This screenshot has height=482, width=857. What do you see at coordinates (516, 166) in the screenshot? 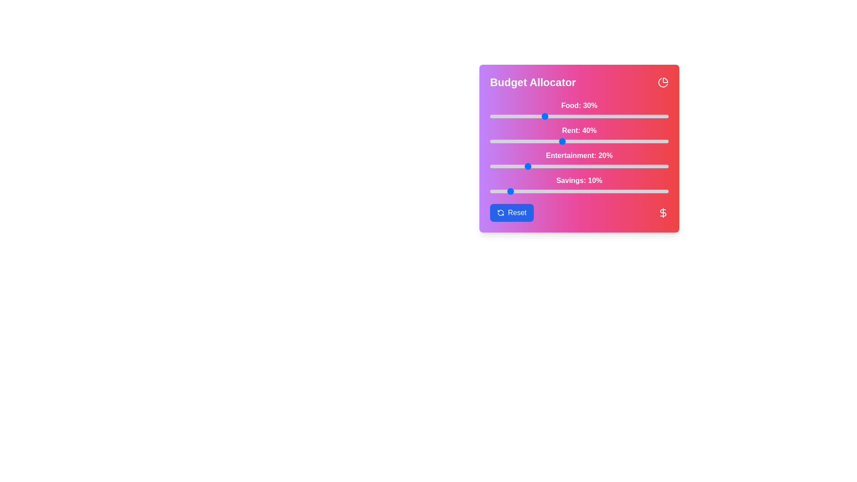
I see `the slider value` at bounding box center [516, 166].